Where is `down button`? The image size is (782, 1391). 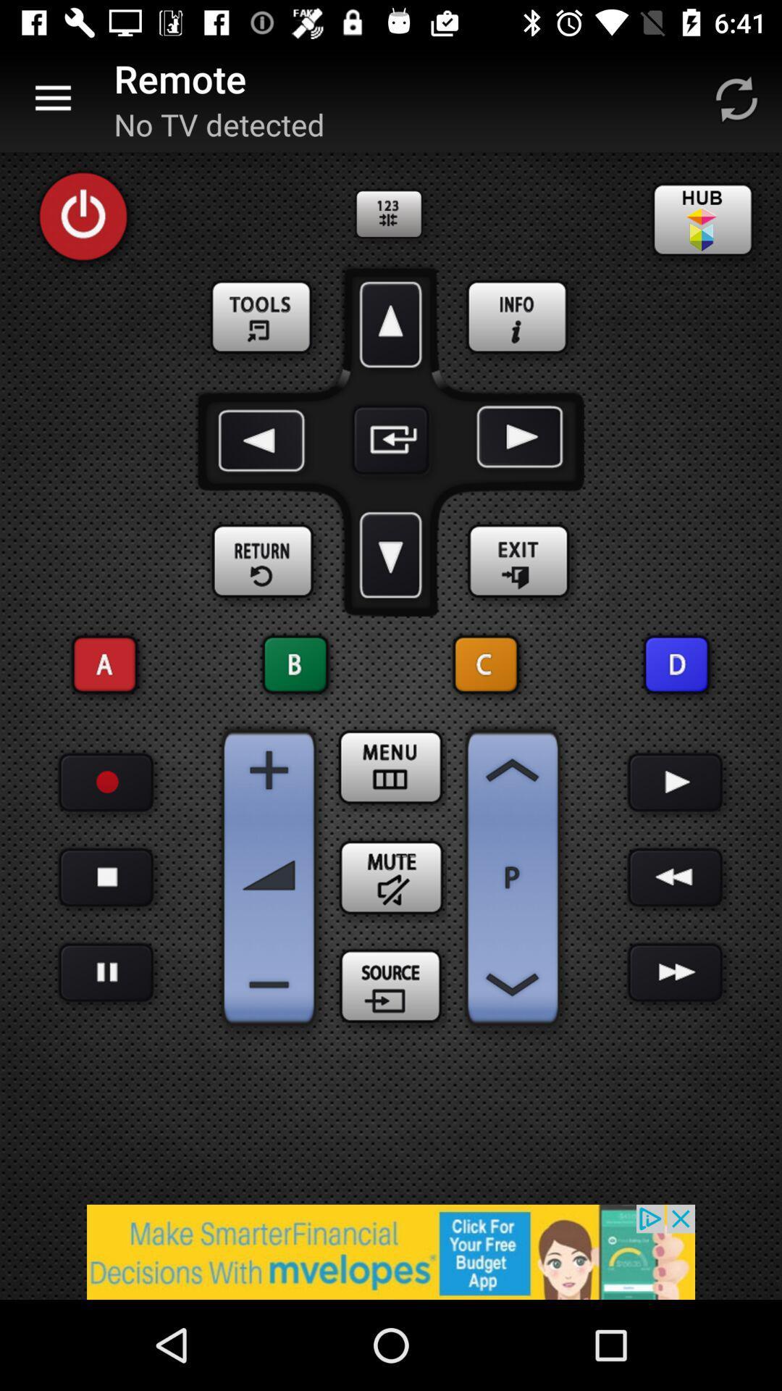
down button is located at coordinates (391, 554).